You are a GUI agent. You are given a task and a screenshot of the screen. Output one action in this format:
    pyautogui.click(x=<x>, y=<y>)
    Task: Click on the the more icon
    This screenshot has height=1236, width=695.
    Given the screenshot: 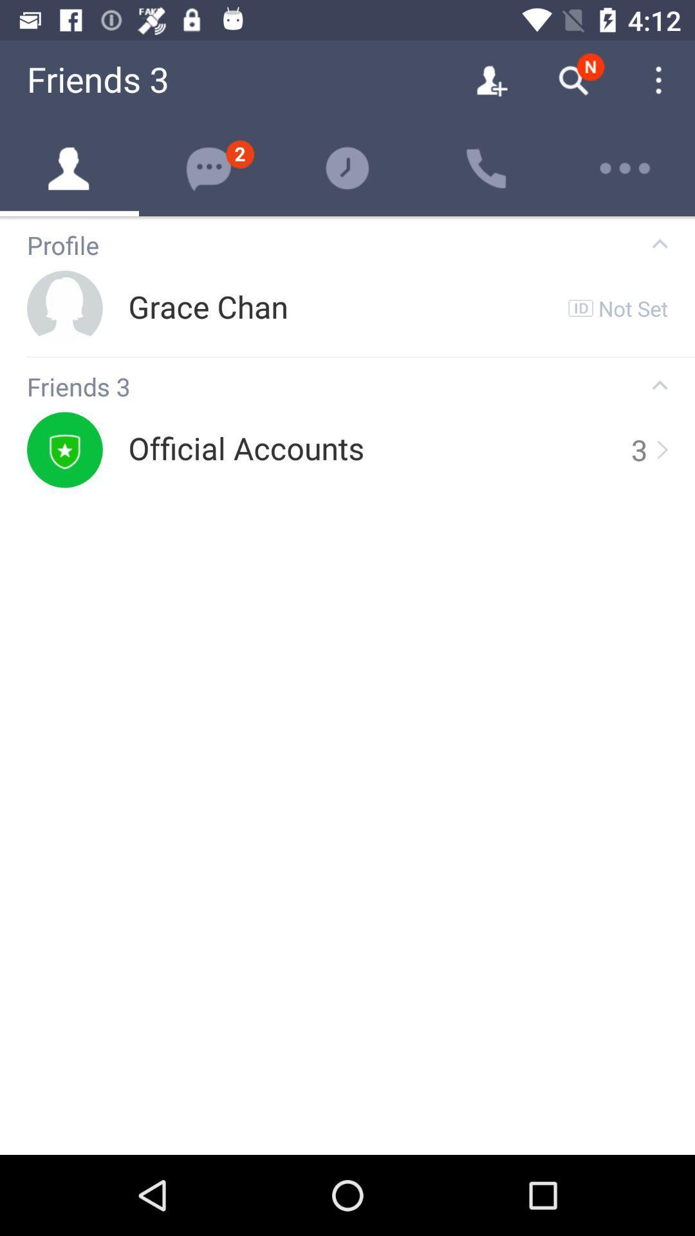 What is the action you would take?
    pyautogui.click(x=625, y=168)
    